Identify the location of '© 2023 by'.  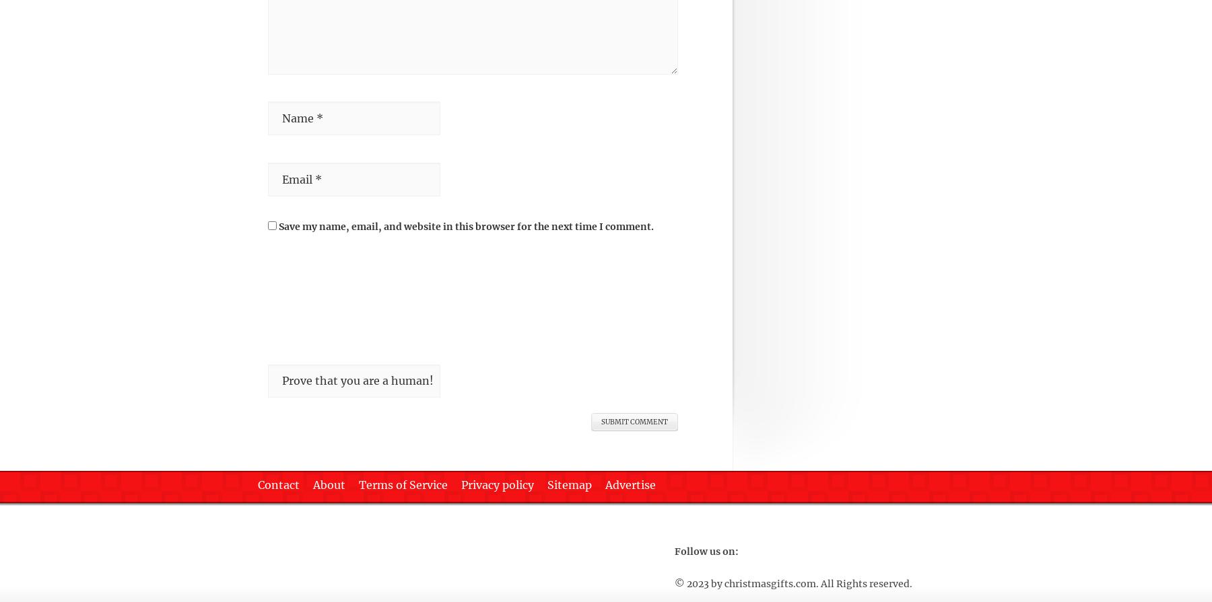
(699, 582).